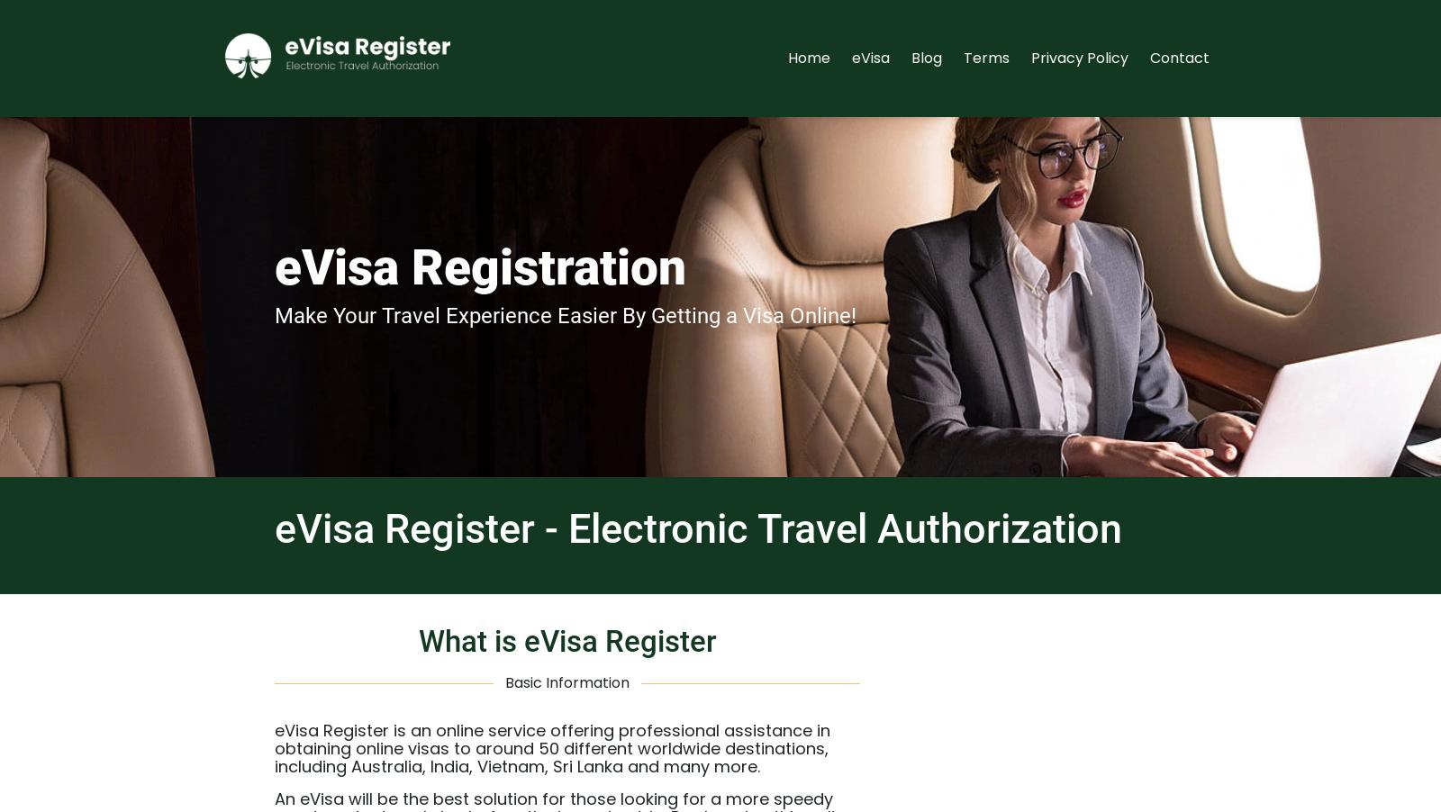 This screenshot has width=1441, height=812. I want to click on 'UAE eVisa', so click(1056, 383).